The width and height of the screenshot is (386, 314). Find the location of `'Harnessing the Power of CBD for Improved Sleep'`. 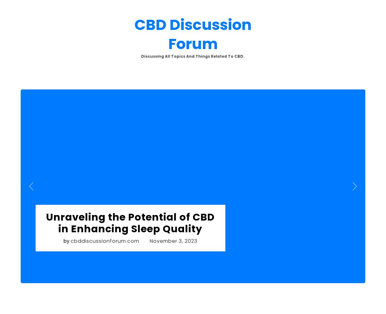

'Harnessing the Power of CBD for Improved Sleep' is located at coordinates (140, 103).